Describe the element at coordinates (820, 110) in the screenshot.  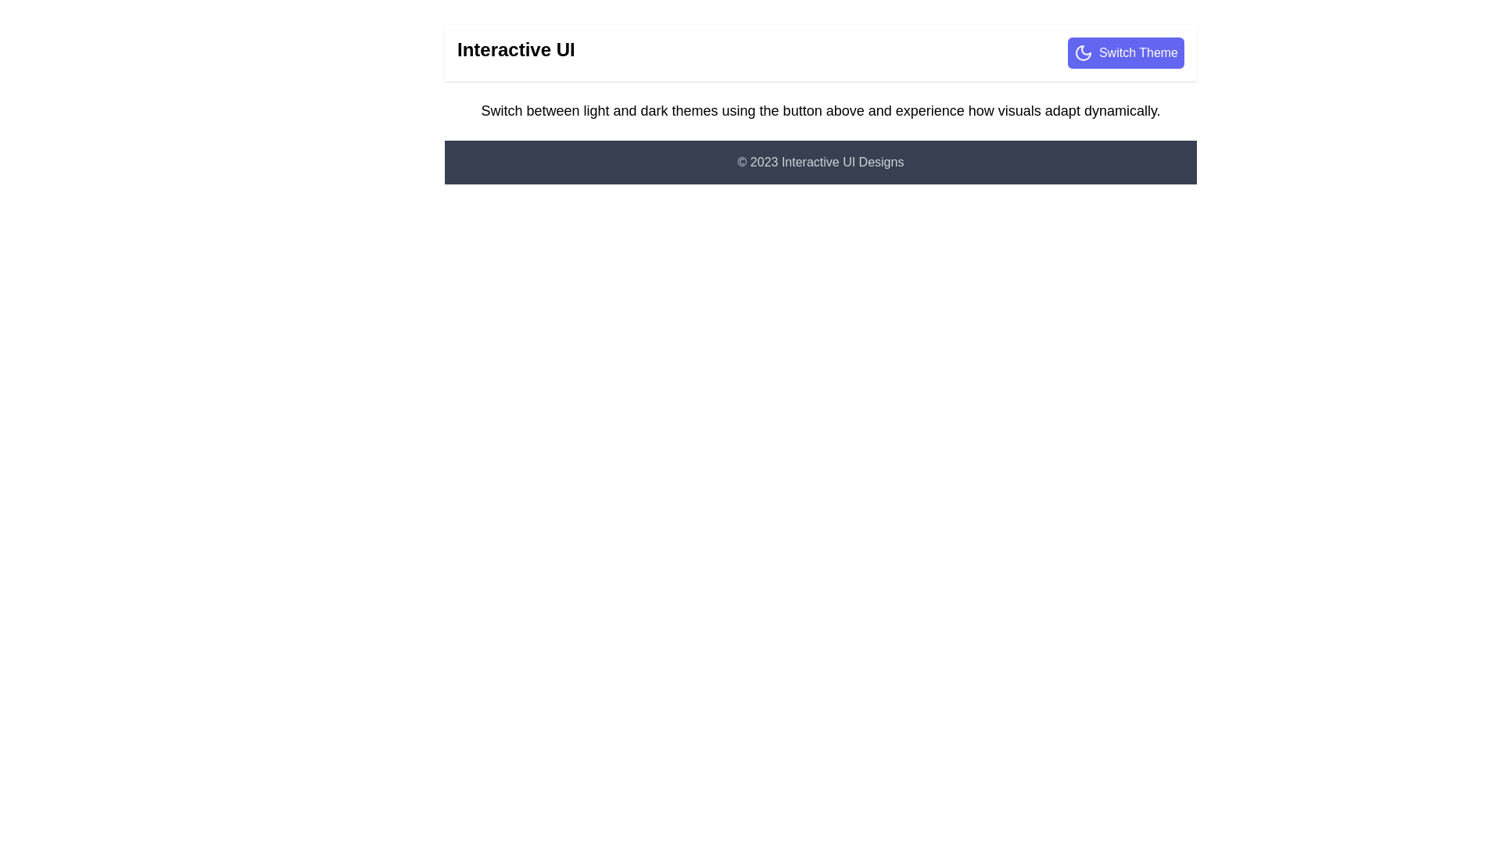
I see `descriptive information provided in the paragraph text located below the 'Interactive UI' header and above the 'Switch Theme' button, which explains the functionality of the button` at that location.